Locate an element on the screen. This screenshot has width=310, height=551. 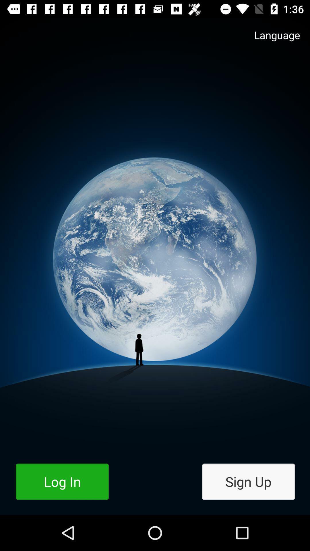
the log in icon is located at coordinates (62, 482).